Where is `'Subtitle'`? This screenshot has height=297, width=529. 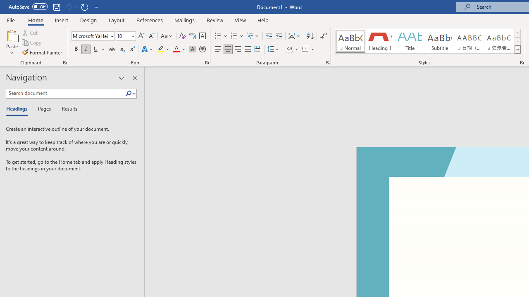
'Subtitle' is located at coordinates (439, 41).